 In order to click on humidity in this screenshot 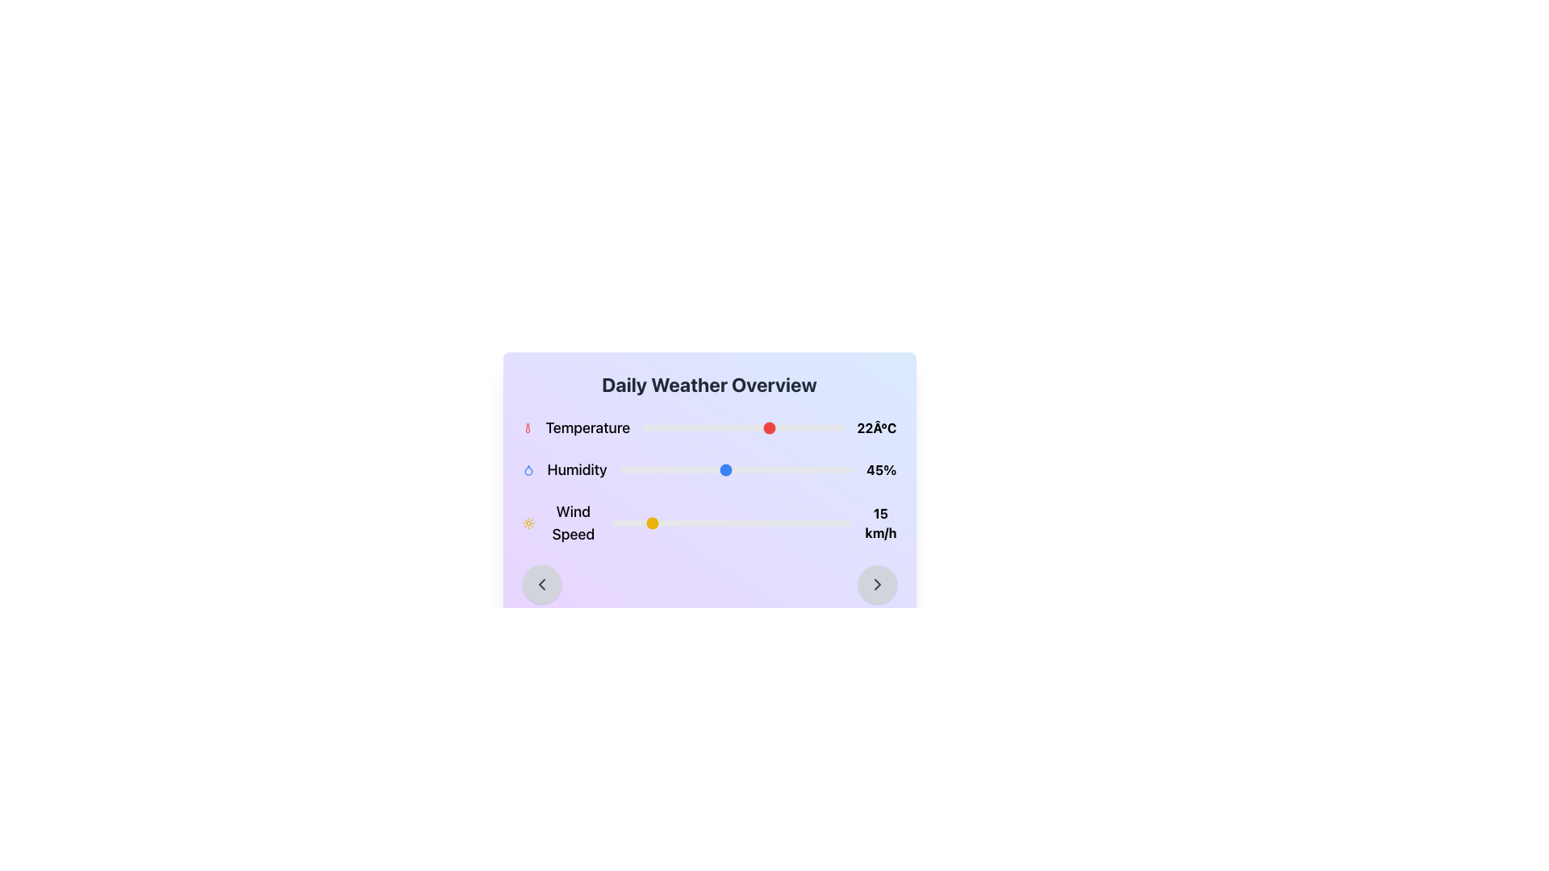, I will do `click(637, 469)`.